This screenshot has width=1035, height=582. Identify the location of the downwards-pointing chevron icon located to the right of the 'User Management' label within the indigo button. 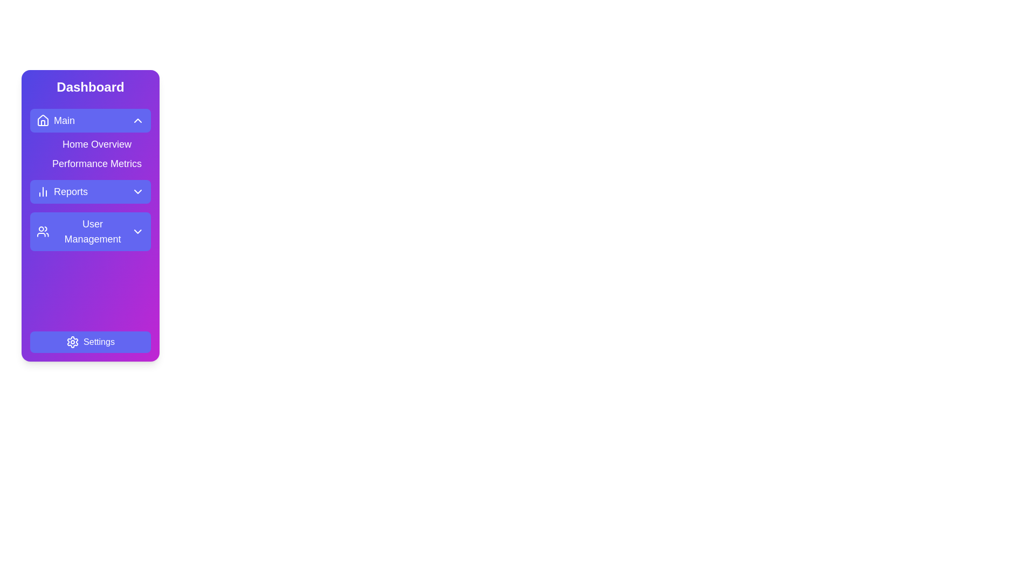
(137, 231).